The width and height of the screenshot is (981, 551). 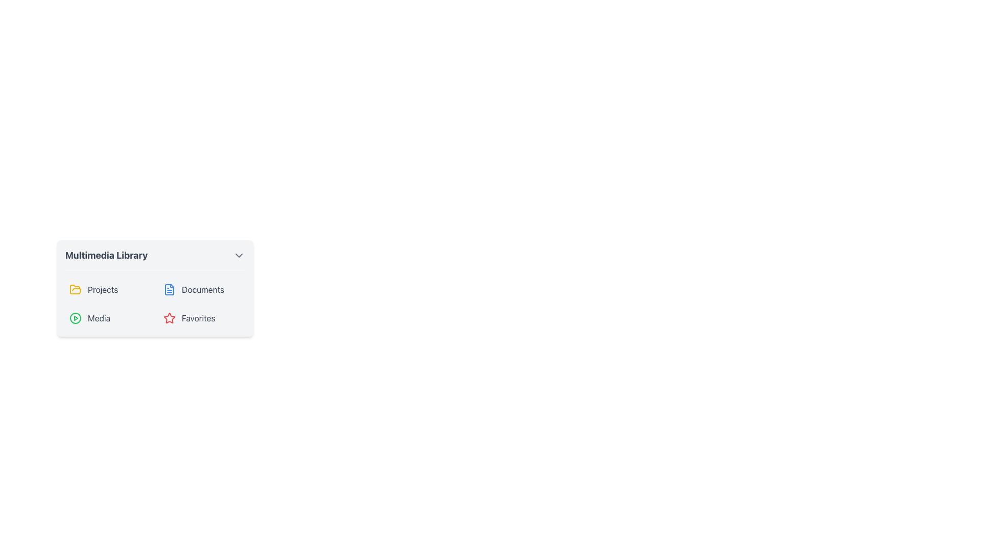 What do you see at coordinates (75, 318) in the screenshot?
I see `the 'Media' icon in the vertical menu under the 'Multimedia Library' section` at bounding box center [75, 318].